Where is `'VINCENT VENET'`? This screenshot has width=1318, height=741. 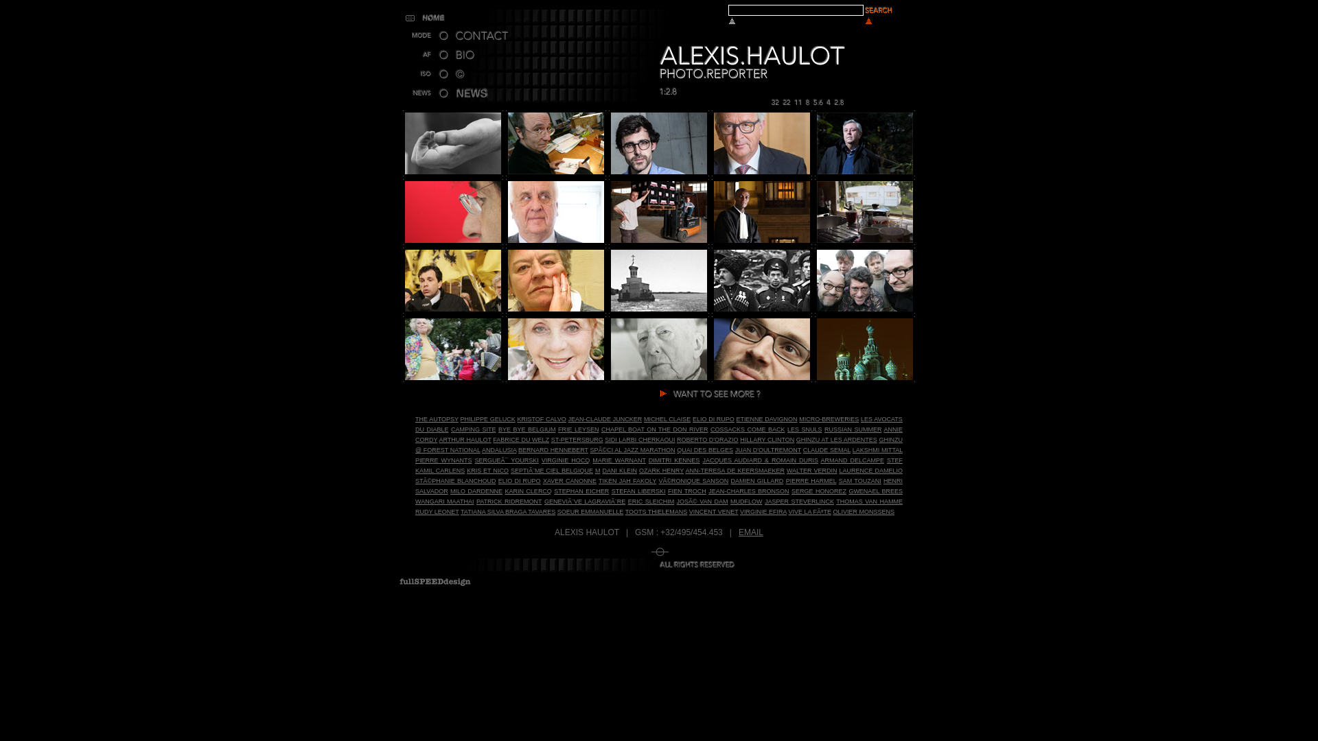
'VINCENT VENET' is located at coordinates (714, 511).